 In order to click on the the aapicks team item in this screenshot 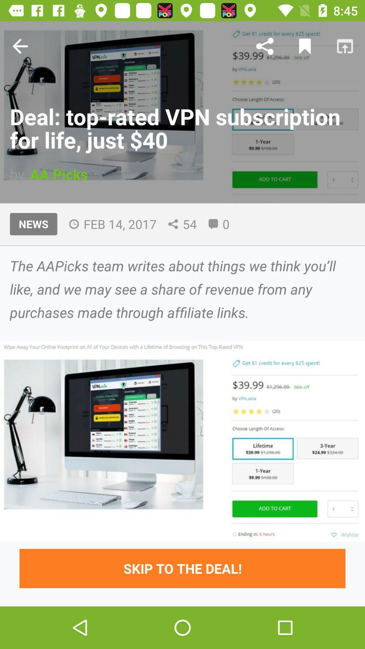, I will do `click(182, 289)`.